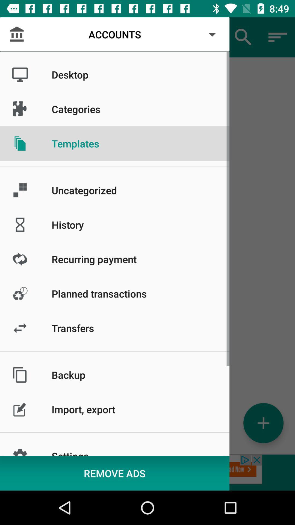 The width and height of the screenshot is (295, 525). Describe the element at coordinates (263, 423) in the screenshot. I see `the add icon` at that location.